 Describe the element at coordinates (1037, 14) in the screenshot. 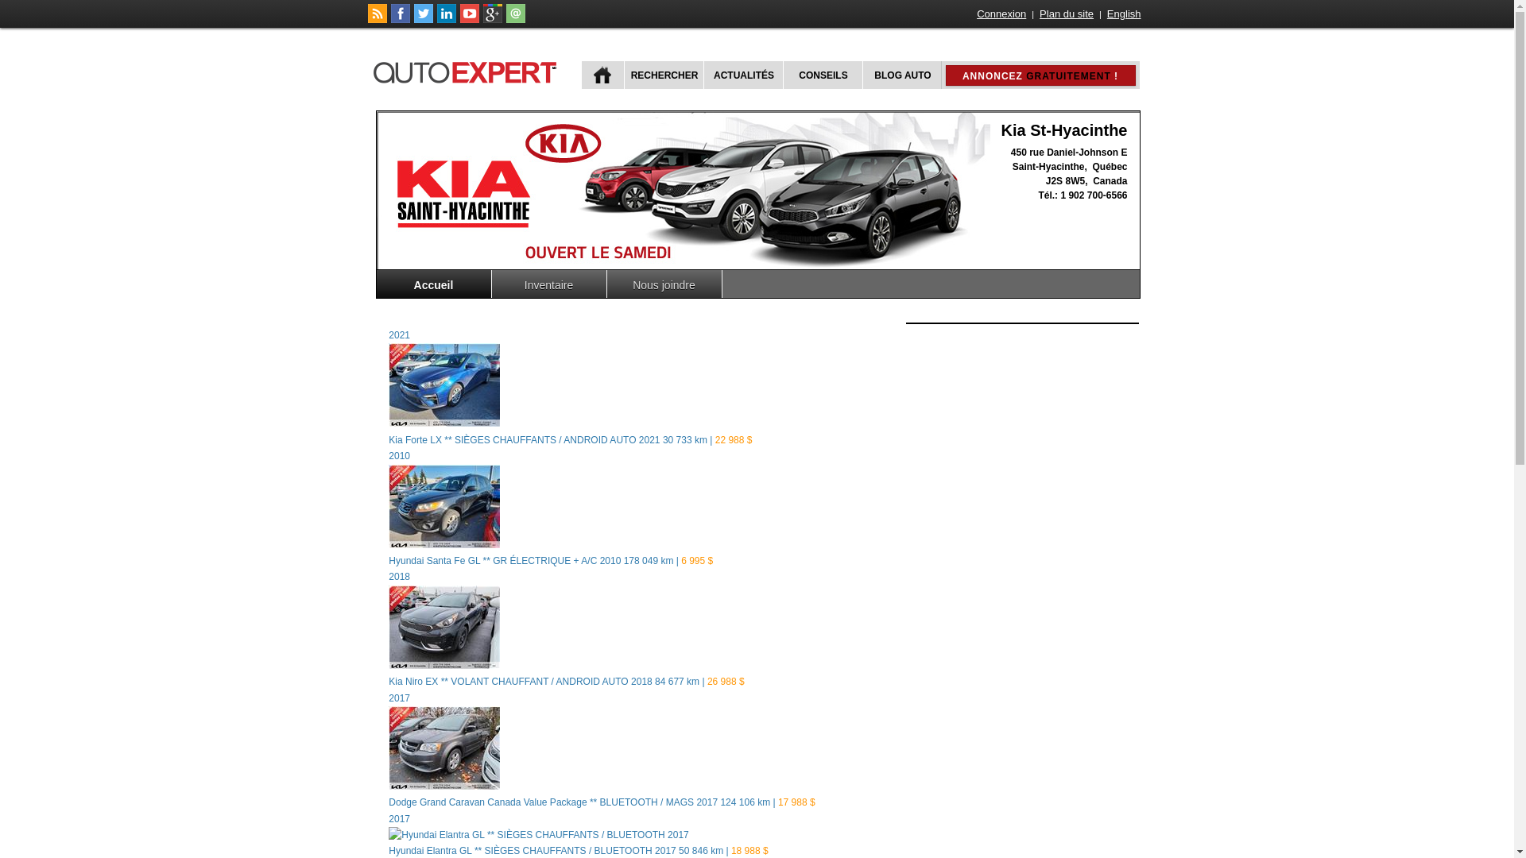

I see `'Plan du site'` at that location.